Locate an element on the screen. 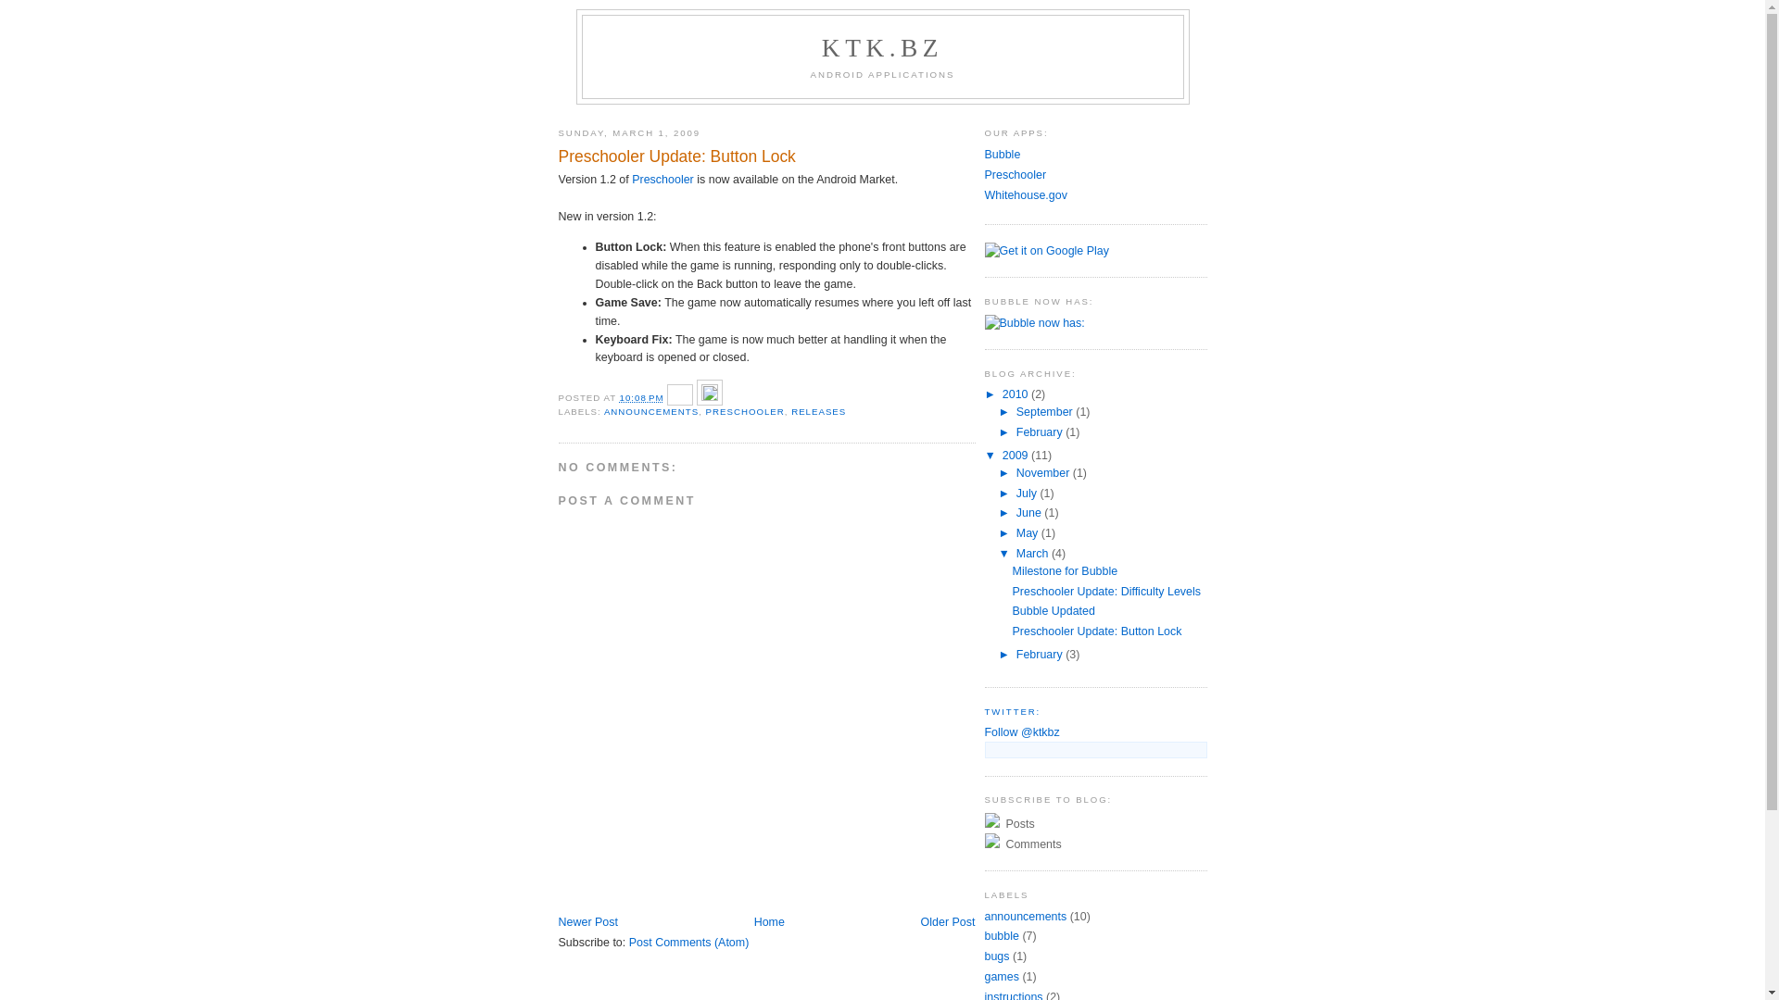 This screenshot has width=1779, height=1000. 'Posts' is located at coordinates (982, 821).